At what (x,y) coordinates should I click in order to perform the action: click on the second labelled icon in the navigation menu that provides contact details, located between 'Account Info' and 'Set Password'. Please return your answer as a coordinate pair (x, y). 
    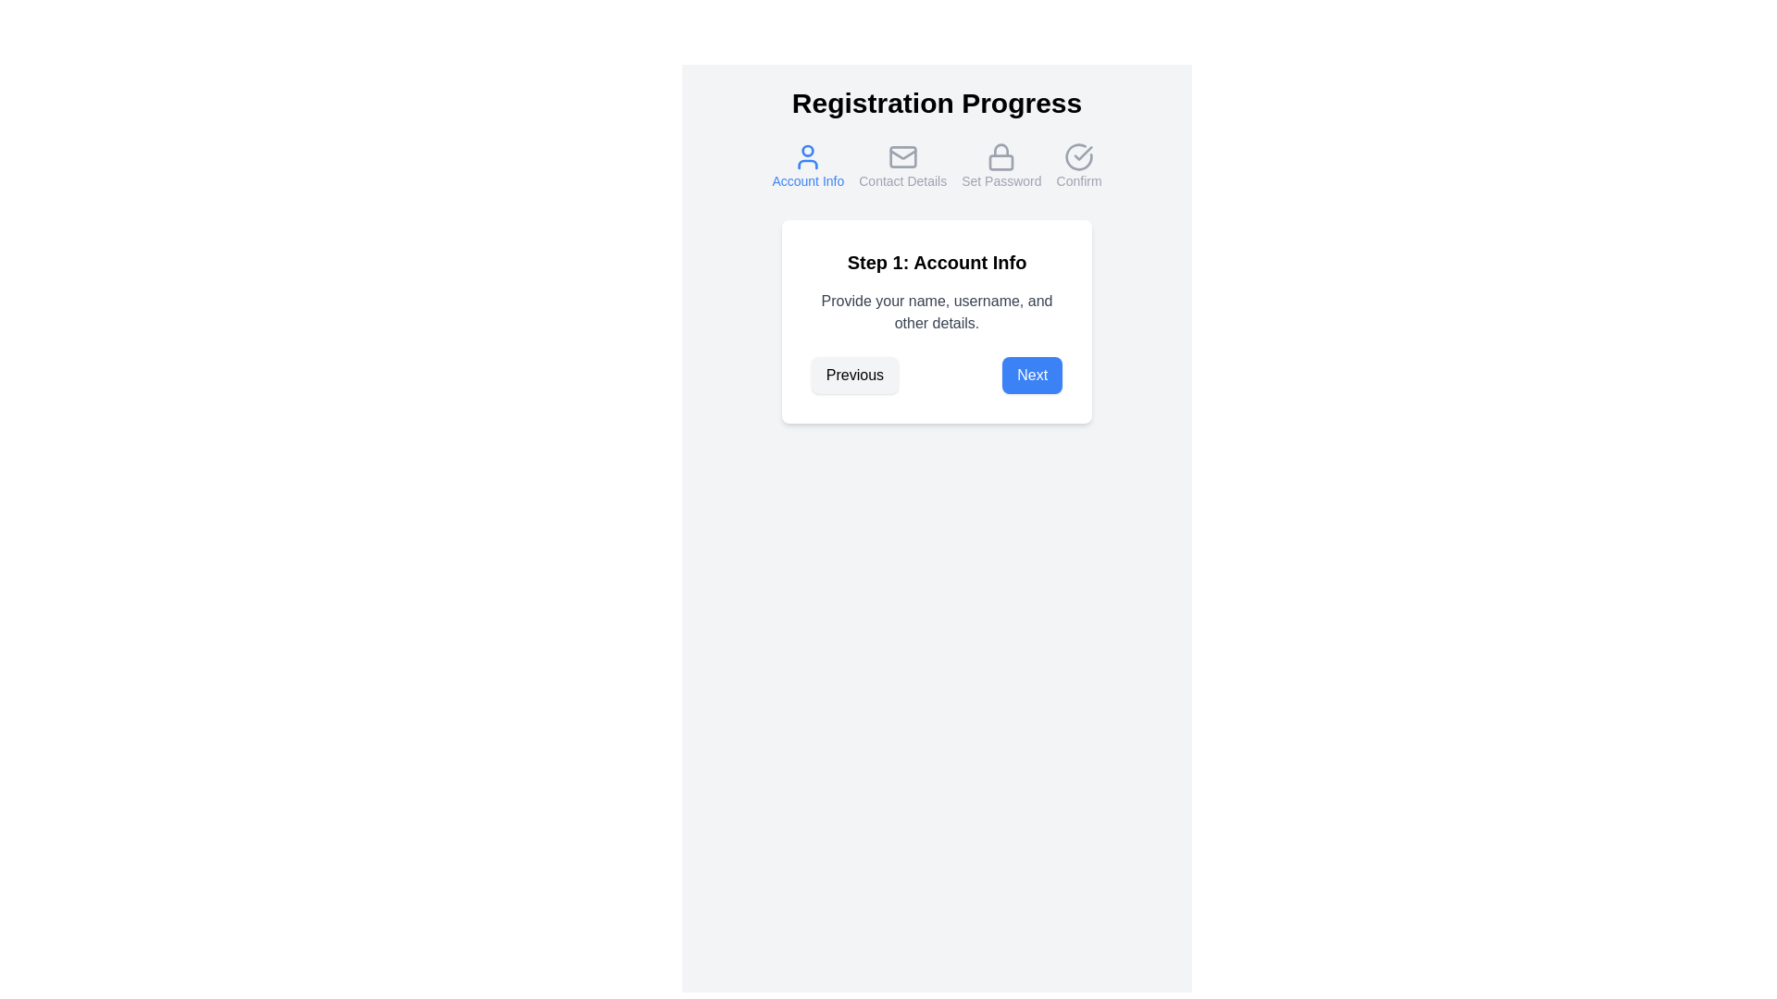
    Looking at the image, I should click on (902, 166).